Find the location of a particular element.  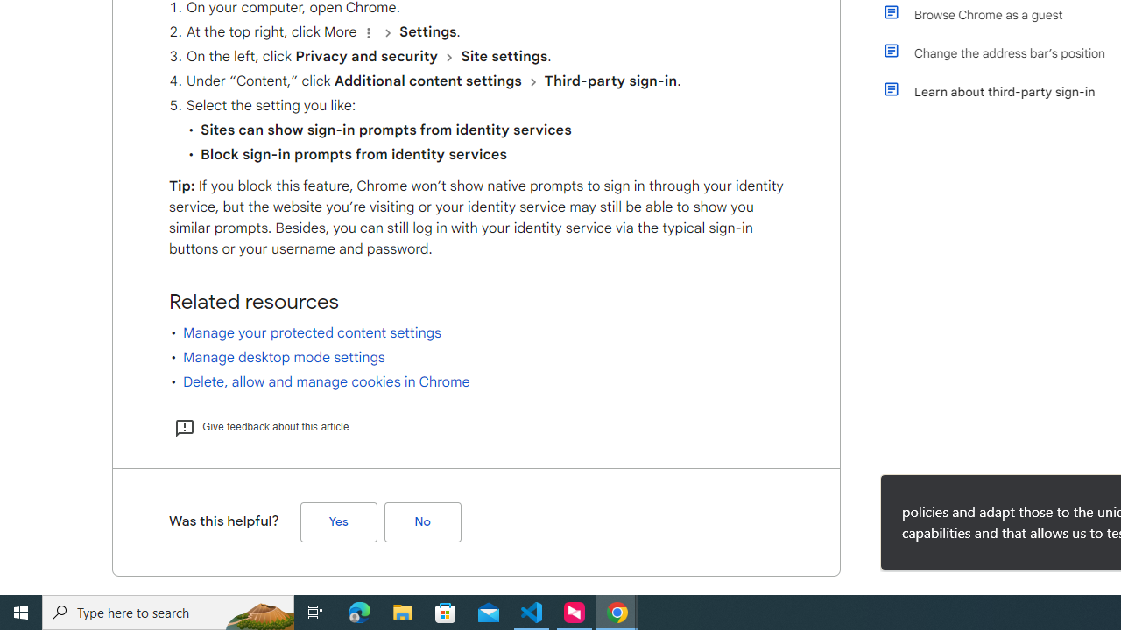

'No (Was this helpful?)' is located at coordinates (422, 521).